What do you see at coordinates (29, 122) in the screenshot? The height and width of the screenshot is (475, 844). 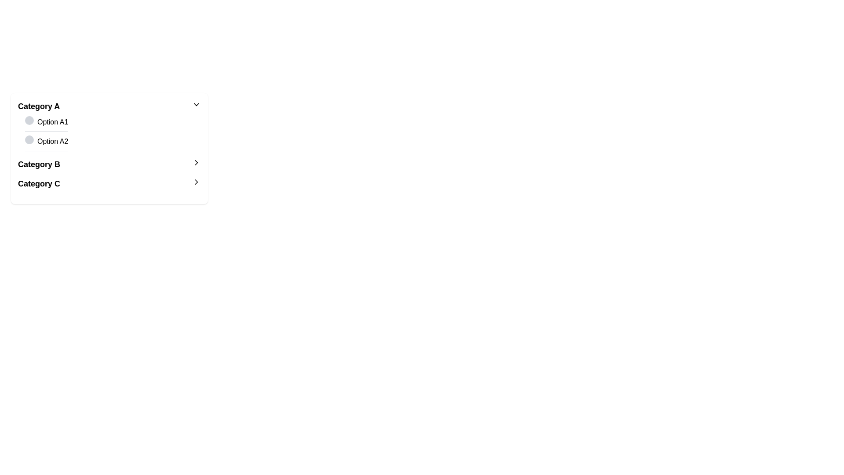 I see `the radio button for 'Option A1' located at the leftmost part of its row under 'Category A'` at bounding box center [29, 122].